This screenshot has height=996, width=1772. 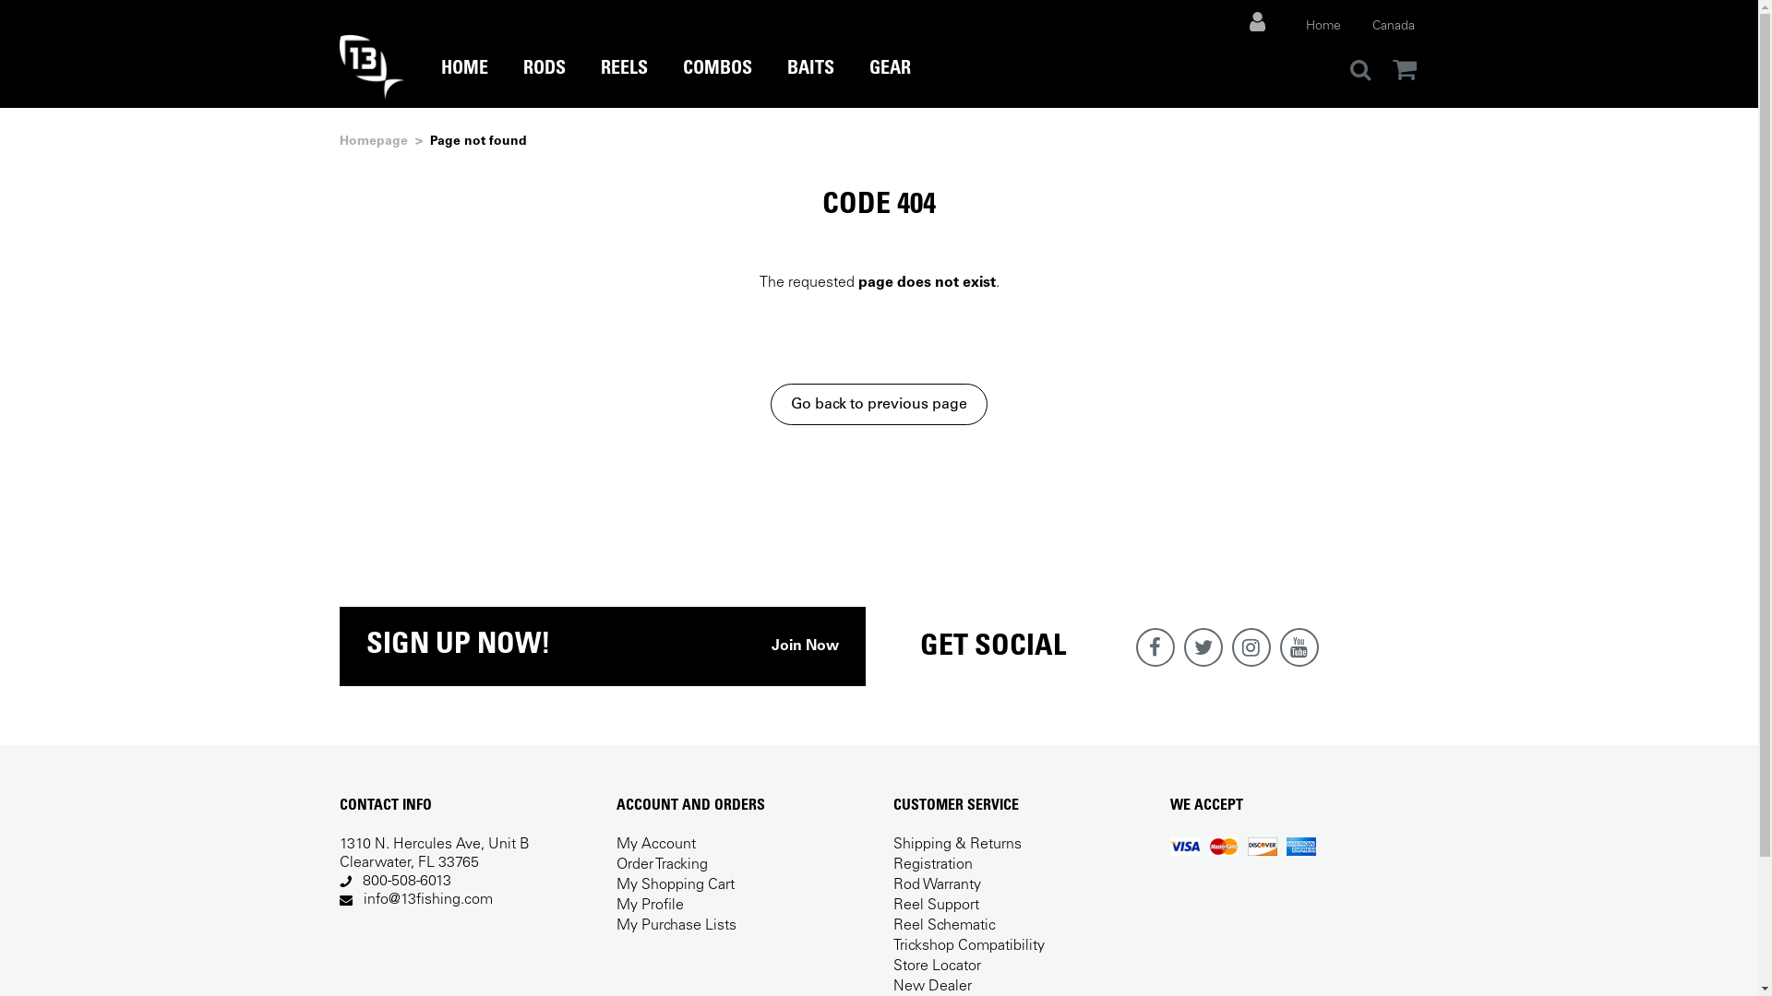 What do you see at coordinates (543, 83) in the screenshot?
I see `'RODS'` at bounding box center [543, 83].